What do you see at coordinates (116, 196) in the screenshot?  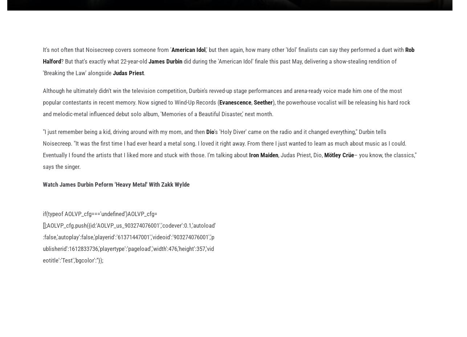 I see `'Watch James Durbin Peform 'Heavy Metal' With Zakk Wylde'` at bounding box center [116, 196].